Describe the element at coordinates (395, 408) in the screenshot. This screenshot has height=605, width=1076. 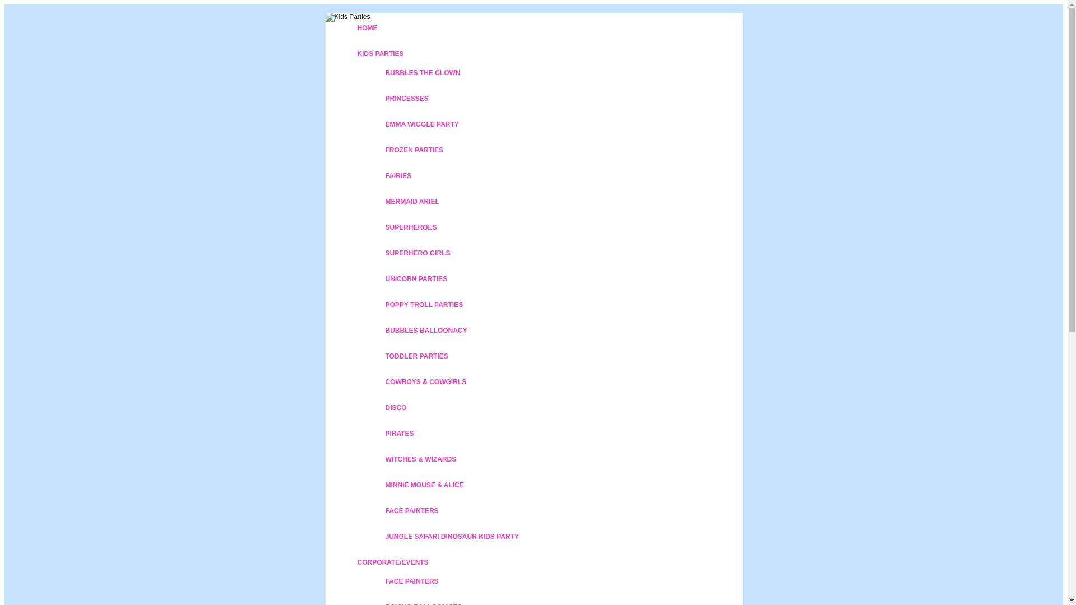
I see `'DISCO'` at that location.